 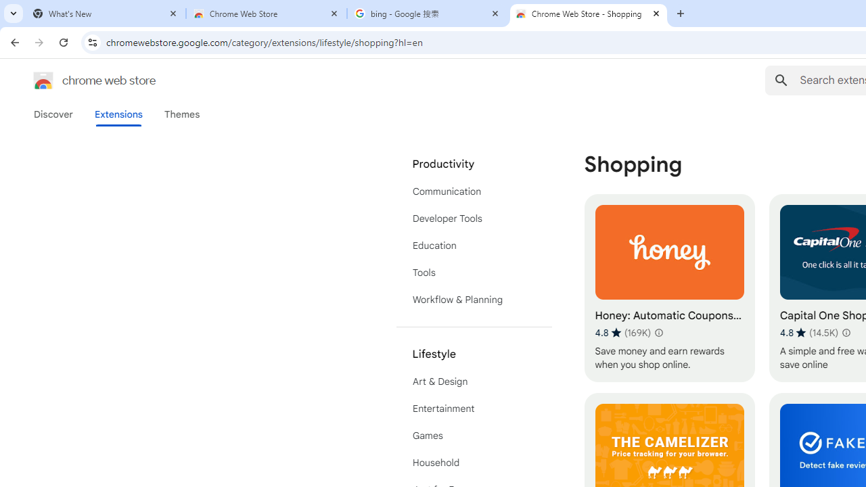 I want to click on 'Honey: Automatic Coupons & Rewards', so click(x=669, y=287).